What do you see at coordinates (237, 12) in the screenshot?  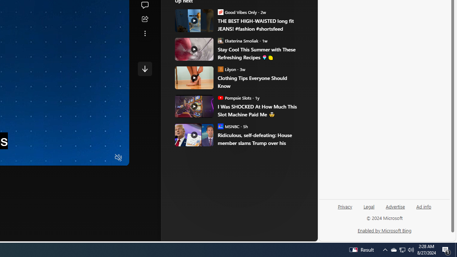 I see `'Good Vibes Only Good Vibes Only'` at bounding box center [237, 12].